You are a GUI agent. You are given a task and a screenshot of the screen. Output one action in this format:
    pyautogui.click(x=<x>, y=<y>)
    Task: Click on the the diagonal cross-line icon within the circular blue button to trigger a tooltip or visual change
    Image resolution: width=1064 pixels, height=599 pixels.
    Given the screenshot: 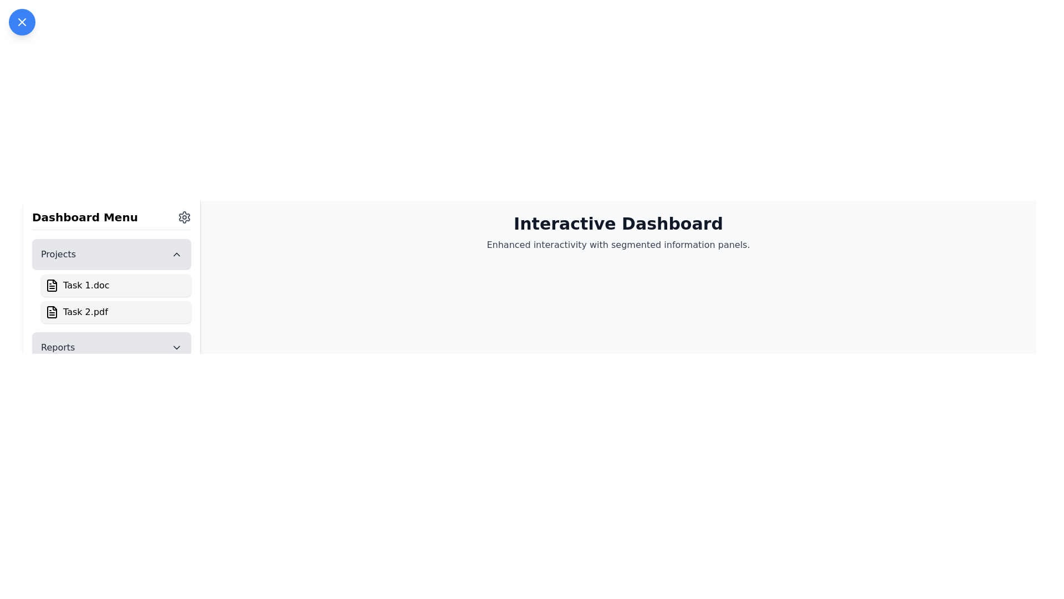 What is the action you would take?
    pyautogui.click(x=22, y=22)
    